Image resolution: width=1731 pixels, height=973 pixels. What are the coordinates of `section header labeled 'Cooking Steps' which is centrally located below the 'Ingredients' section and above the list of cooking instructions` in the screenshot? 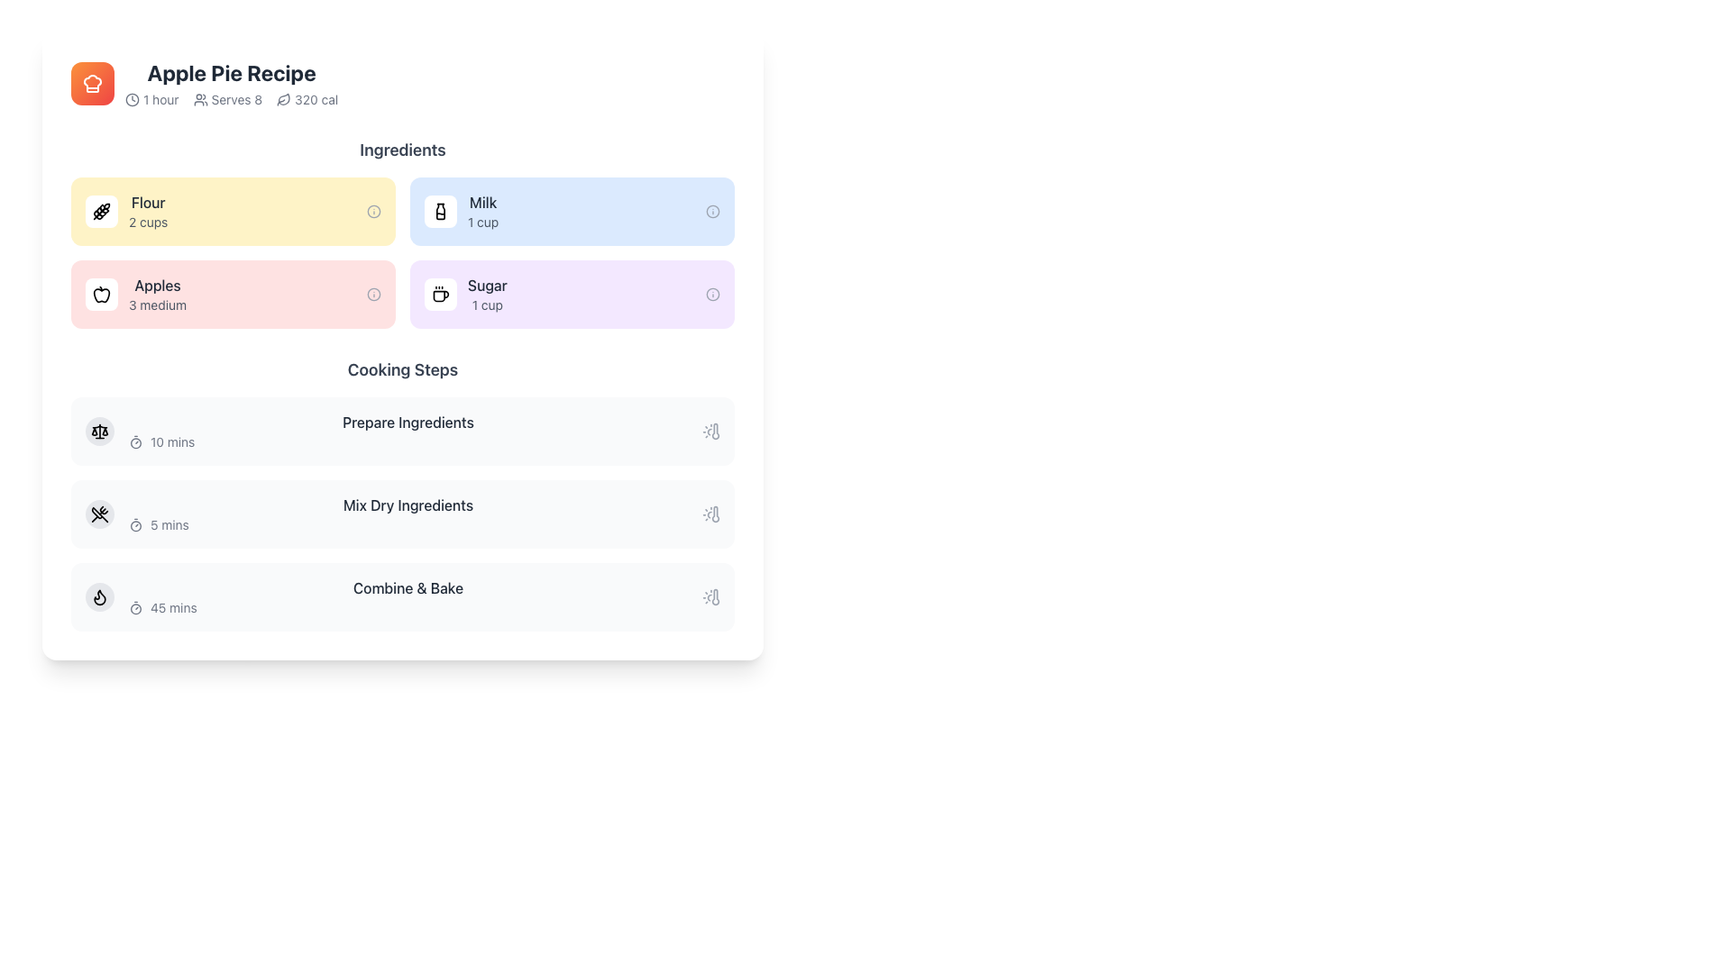 It's located at (401, 369).